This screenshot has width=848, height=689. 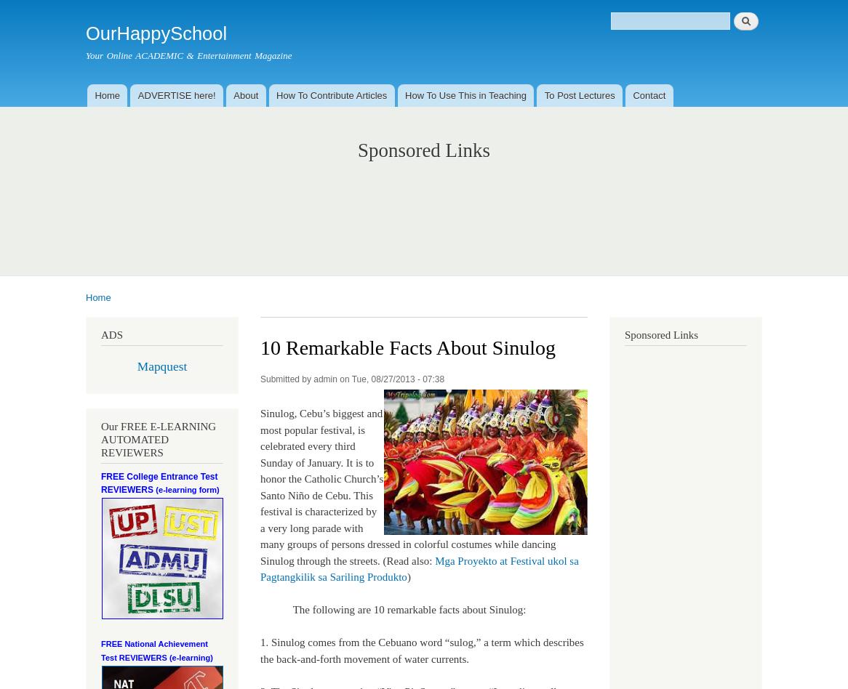 I want to click on 'Our FREE E-LEARNING AUTOMATED REVIEWERS', so click(x=158, y=439).